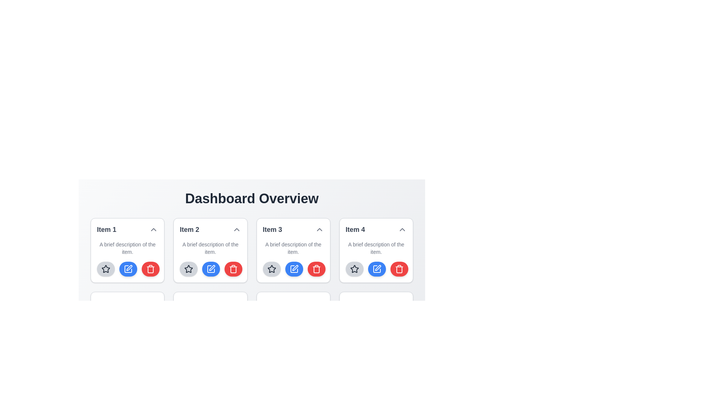  I want to click on the small blue square icon with a white pen symbol located in the 'Item 3' section of the dashboard, so click(293, 269).